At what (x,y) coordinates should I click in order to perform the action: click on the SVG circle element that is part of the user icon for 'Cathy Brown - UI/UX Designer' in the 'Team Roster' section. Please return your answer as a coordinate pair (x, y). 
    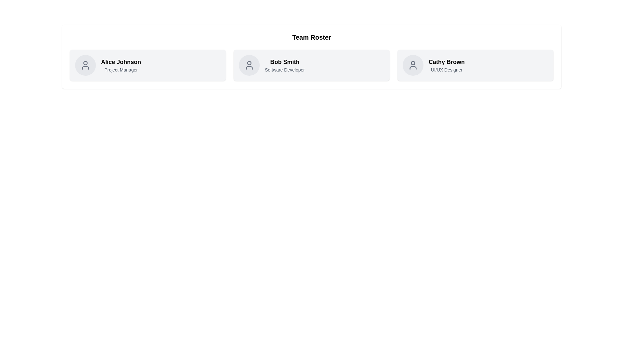
    Looking at the image, I should click on (413, 63).